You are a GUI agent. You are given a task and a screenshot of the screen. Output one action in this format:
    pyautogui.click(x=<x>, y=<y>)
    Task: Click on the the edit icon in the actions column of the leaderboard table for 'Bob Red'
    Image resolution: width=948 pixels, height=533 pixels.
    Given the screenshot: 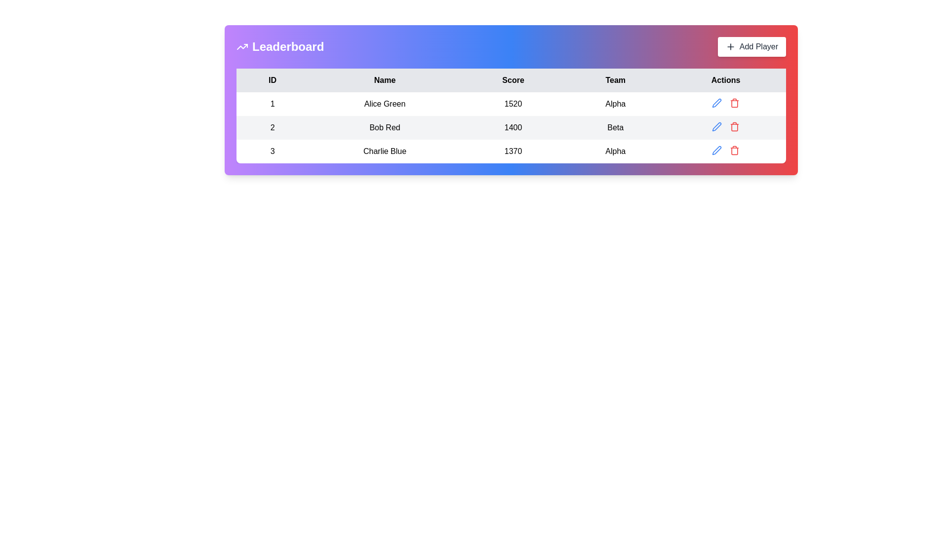 What is the action you would take?
    pyautogui.click(x=717, y=126)
    